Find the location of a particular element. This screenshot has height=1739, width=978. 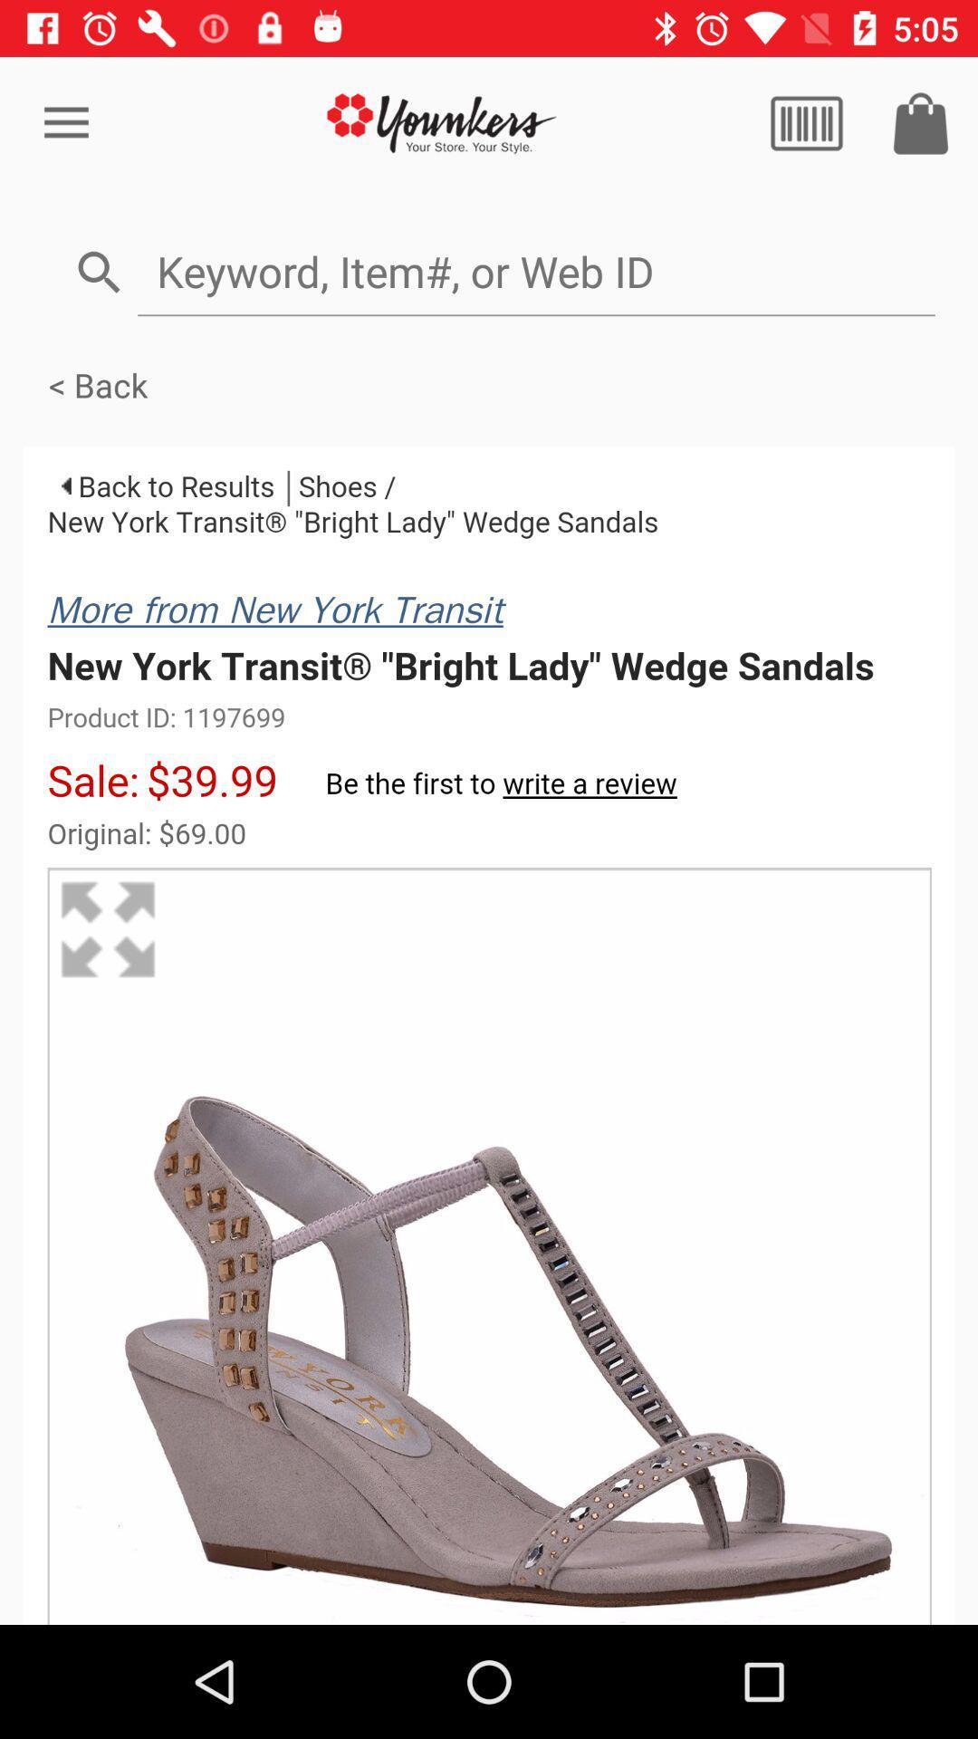

search for an item is located at coordinates (535, 270).